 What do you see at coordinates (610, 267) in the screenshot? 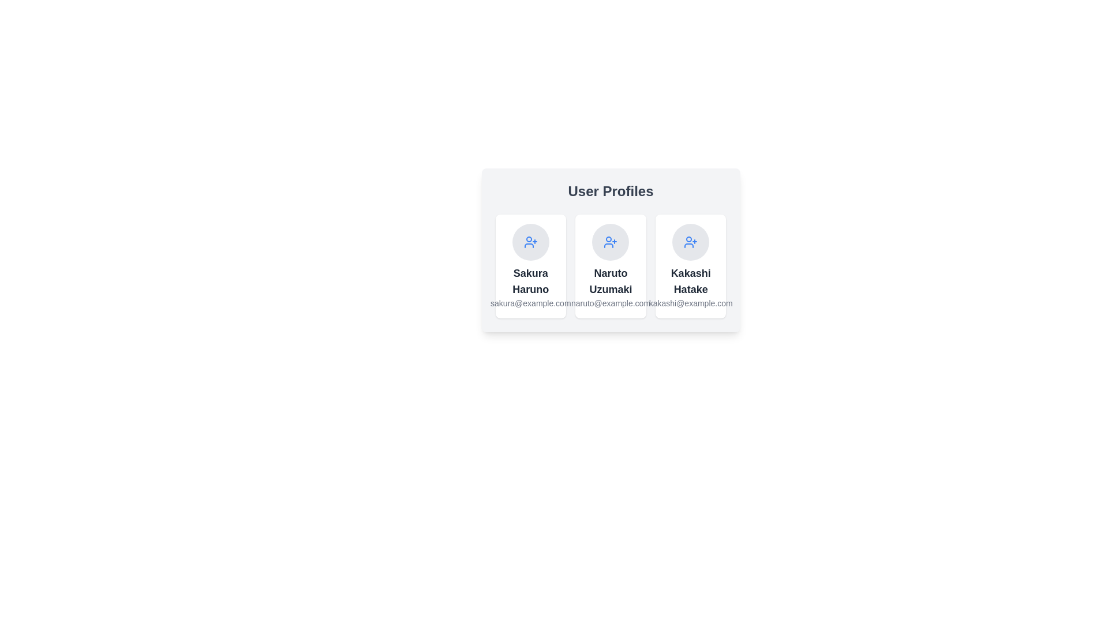
I see `the user profile grid item for 'Naruto Uzumaki'` at bounding box center [610, 267].